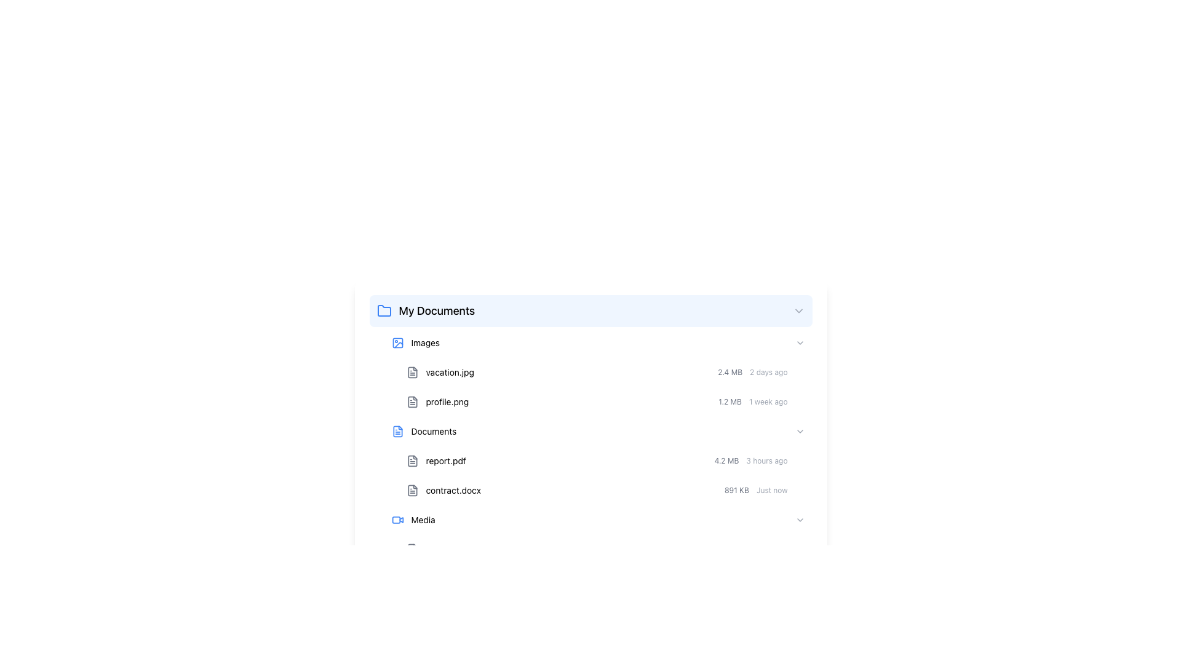 This screenshot has width=1181, height=664. I want to click on the document file icon with a folded corner, which is part of a group of graphical elements in the file browser interface, so click(412, 371).